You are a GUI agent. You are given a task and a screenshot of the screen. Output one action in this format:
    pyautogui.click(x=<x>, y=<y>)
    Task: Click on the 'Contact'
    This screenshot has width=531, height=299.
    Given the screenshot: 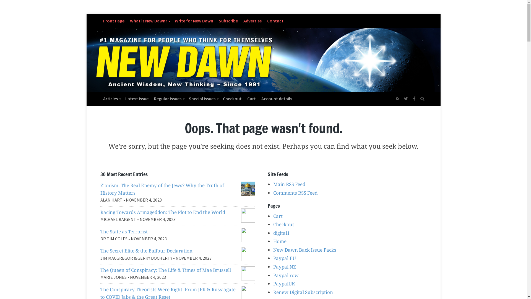 What is the action you would take?
    pyautogui.click(x=275, y=20)
    